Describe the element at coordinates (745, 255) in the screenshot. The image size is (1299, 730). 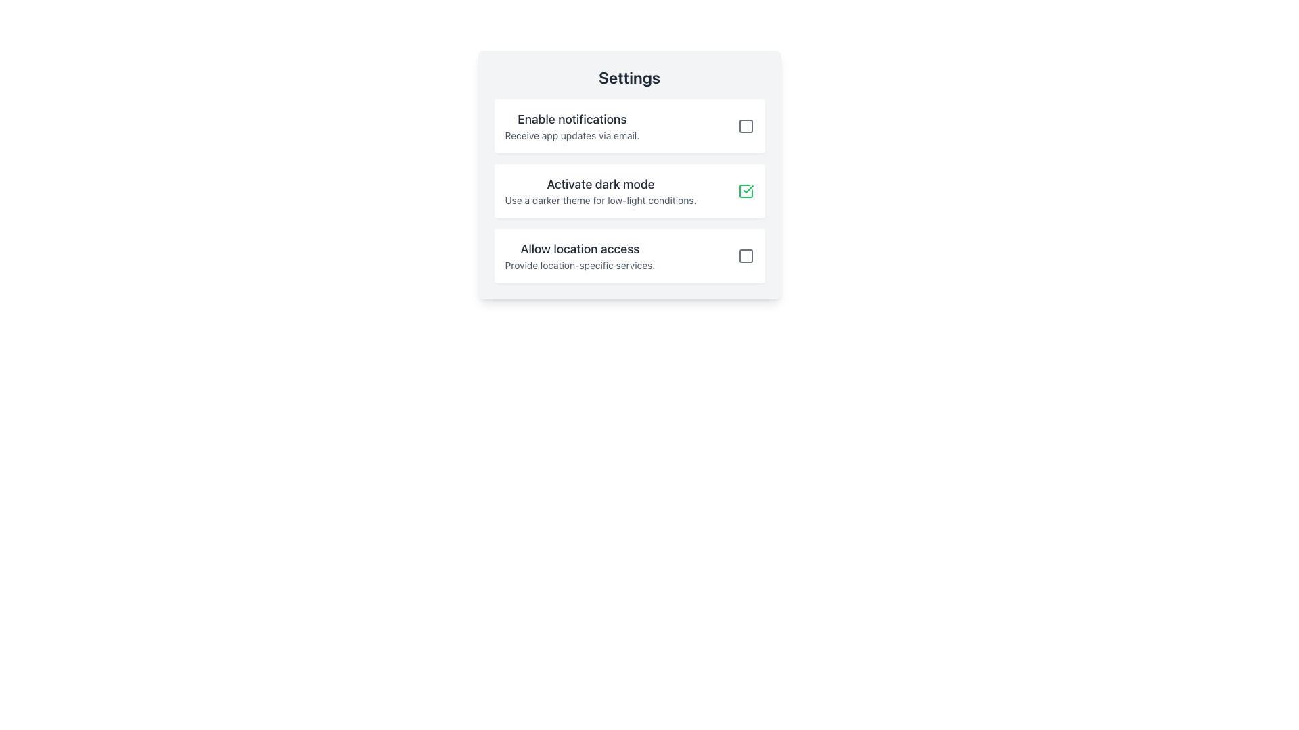
I see `the checkbox toggle indicator inside the SVG icon located at the right end of the 'Allow location access' row in the settings menu` at that location.